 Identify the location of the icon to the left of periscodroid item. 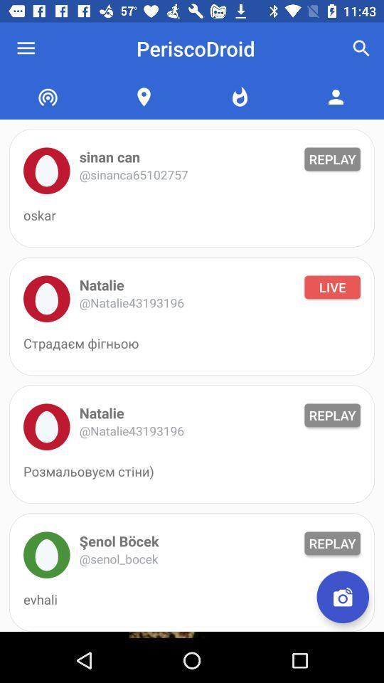
(26, 48).